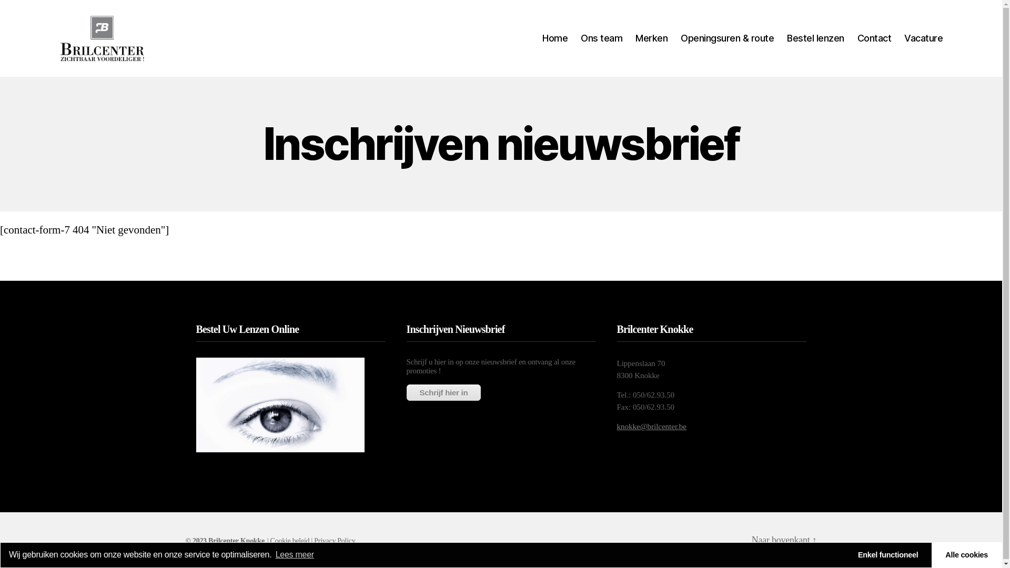 The width and height of the screenshot is (1010, 568). What do you see at coordinates (406, 392) in the screenshot?
I see `'Schrijf hier in'` at bounding box center [406, 392].